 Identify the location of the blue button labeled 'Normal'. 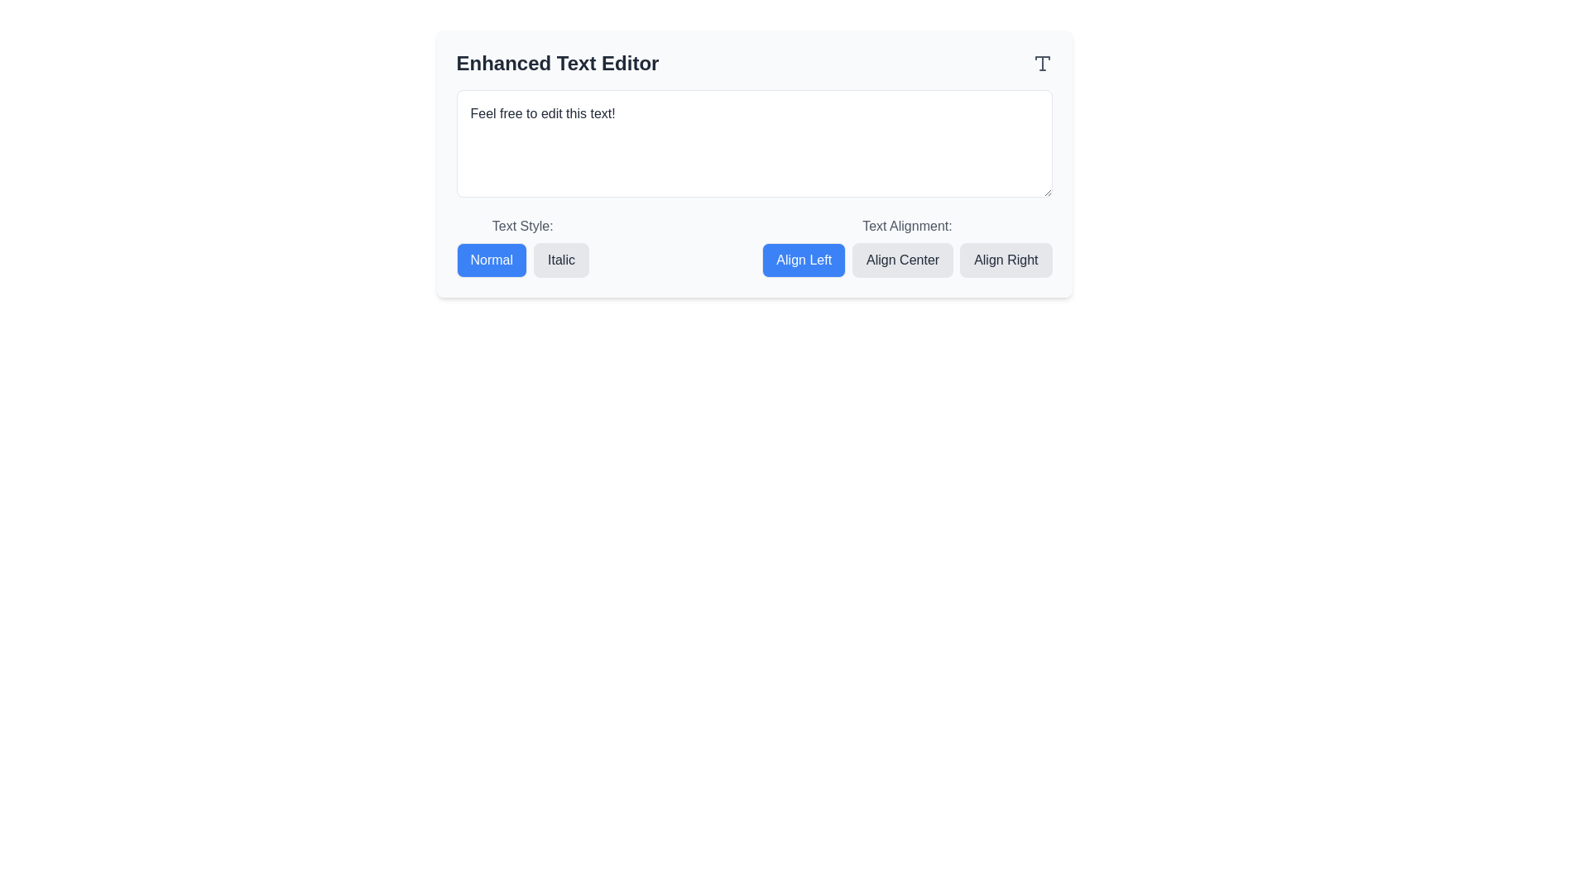
(491, 260).